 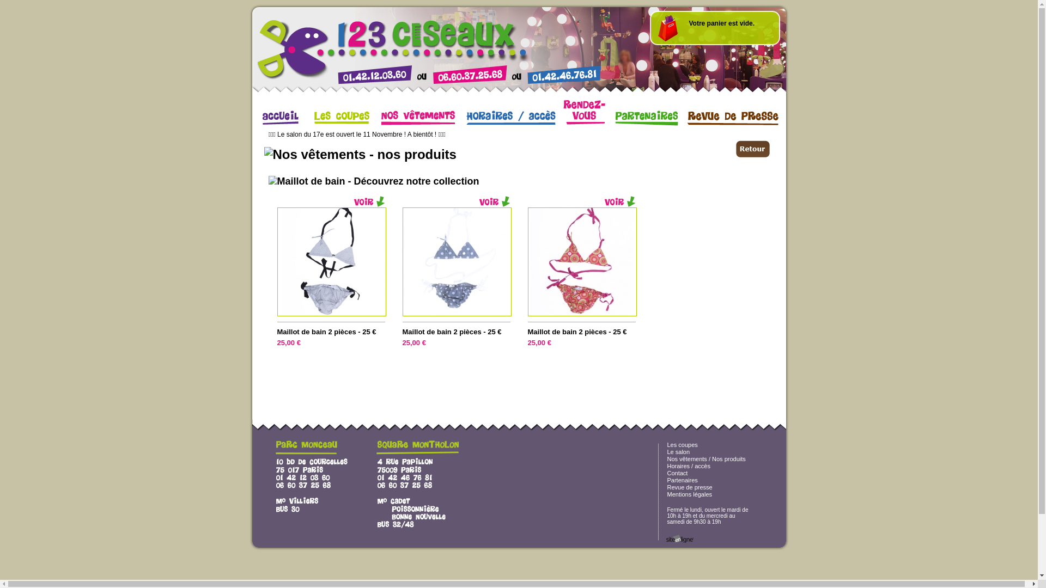 I want to click on 'Contact', so click(x=677, y=472).